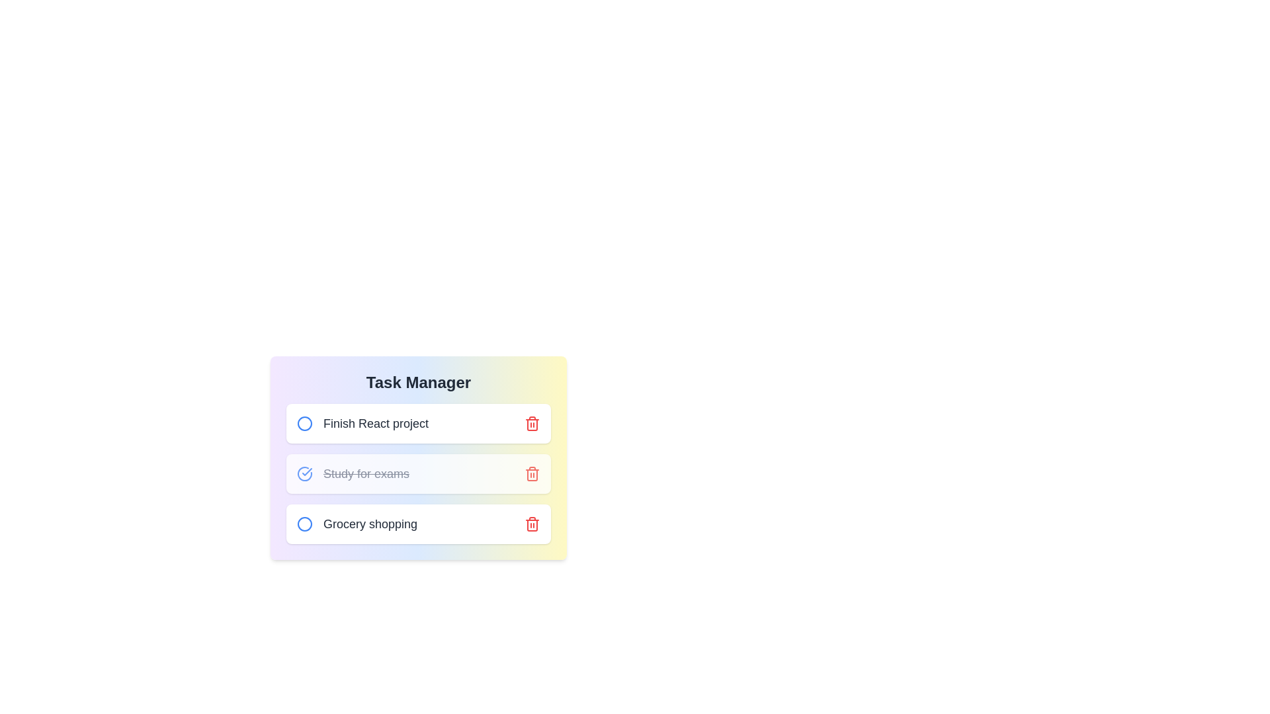 The width and height of the screenshot is (1270, 714). What do you see at coordinates (532, 473) in the screenshot?
I see `the delete icon to remove the task Study for exams` at bounding box center [532, 473].